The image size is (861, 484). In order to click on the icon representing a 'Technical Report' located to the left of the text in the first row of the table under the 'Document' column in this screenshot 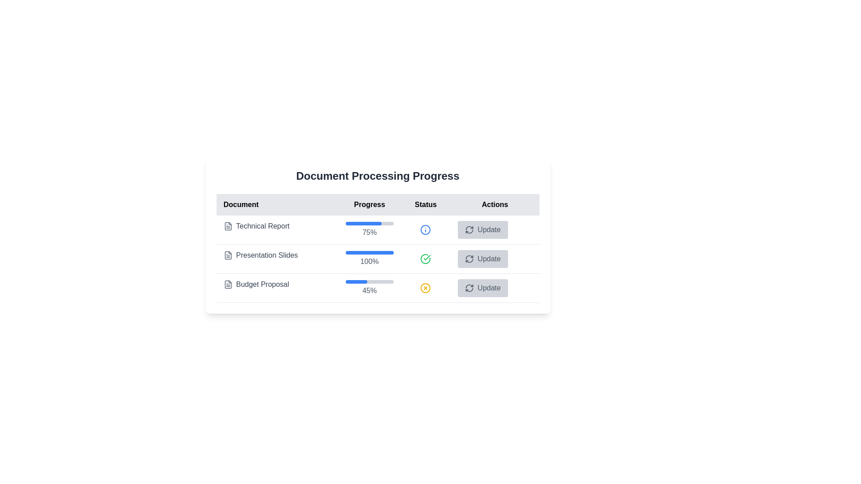, I will do `click(228, 226)`.